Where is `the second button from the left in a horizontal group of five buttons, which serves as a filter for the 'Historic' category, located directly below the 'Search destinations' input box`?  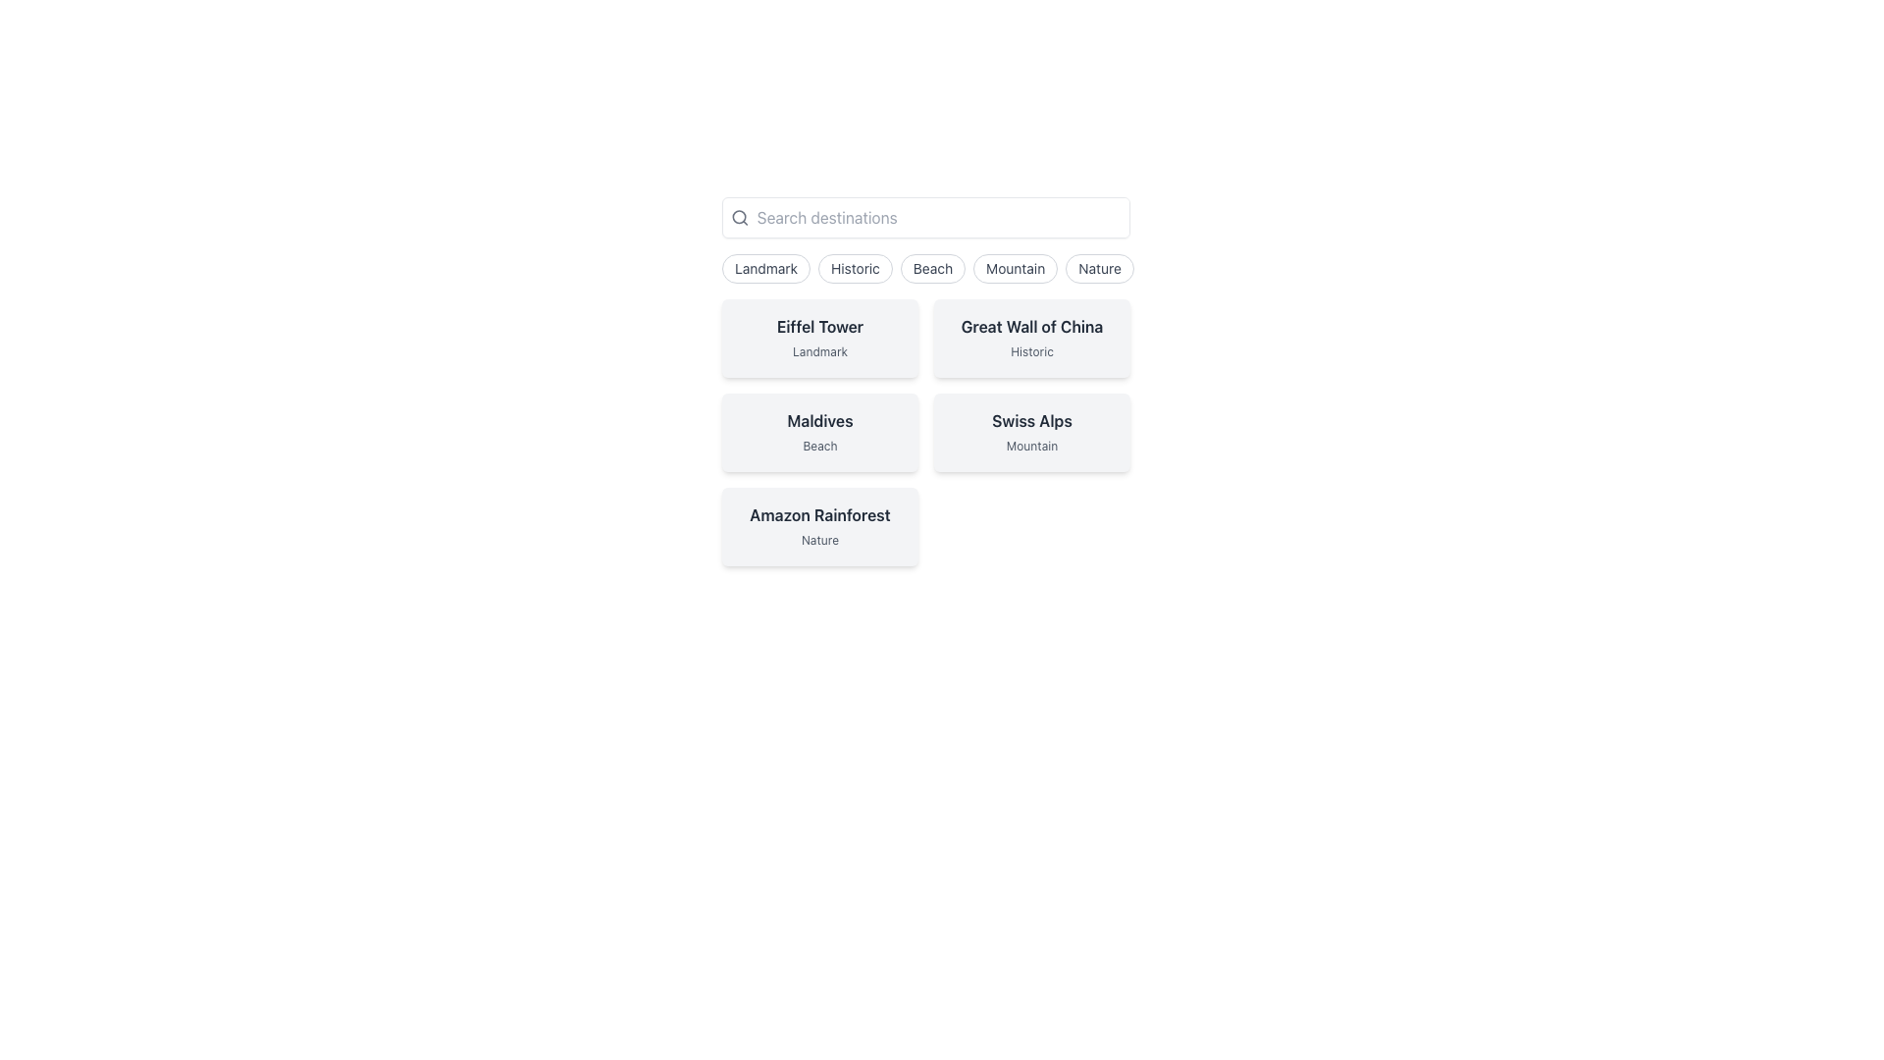
the second button from the left in a horizontal group of five buttons, which serves as a filter for the 'Historic' category, located directly below the 'Search destinations' input box is located at coordinates (856, 268).